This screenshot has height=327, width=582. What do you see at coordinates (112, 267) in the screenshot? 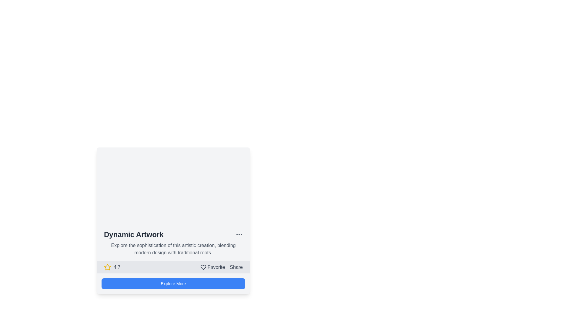
I see `the Rating Display element, which consists of a yellow star icon and the text '4.7', positioned at the bottom of a card-like component, to the left of the 'Favorite' and 'Share' actions` at bounding box center [112, 267].